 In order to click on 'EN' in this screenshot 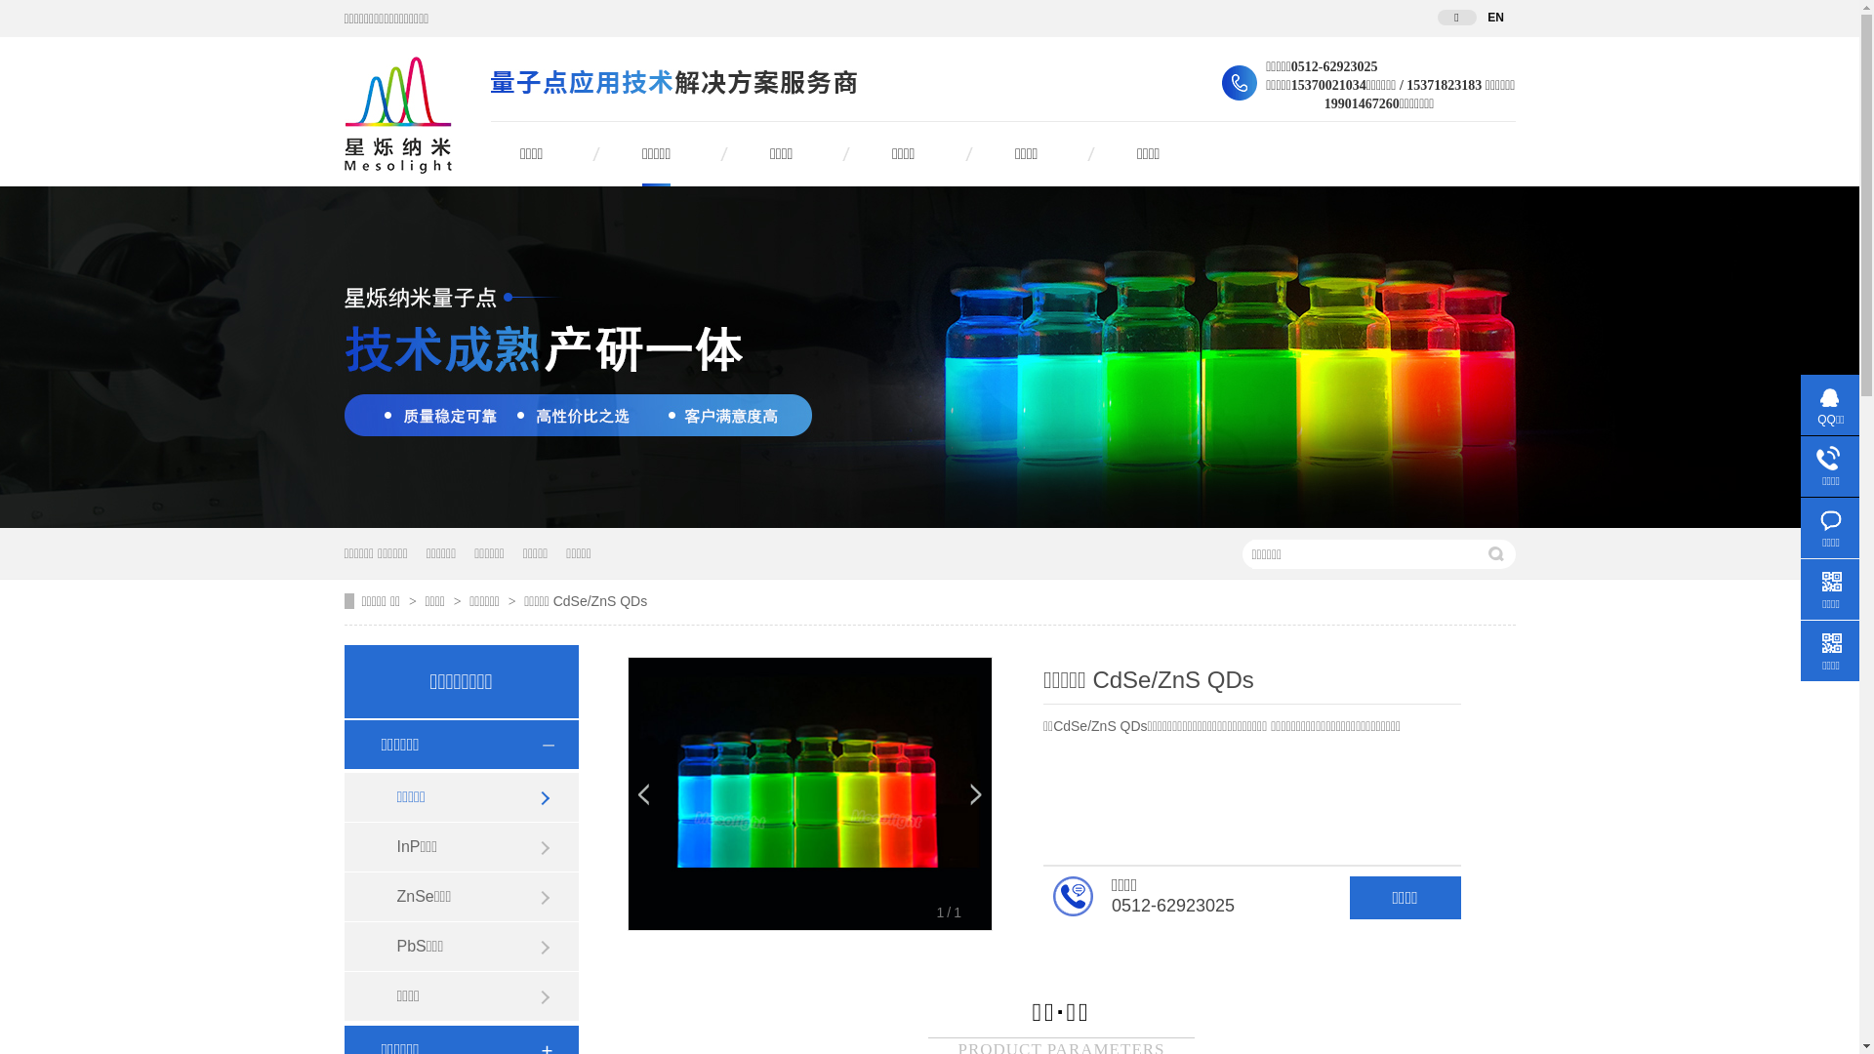, I will do `click(1493, 18)`.